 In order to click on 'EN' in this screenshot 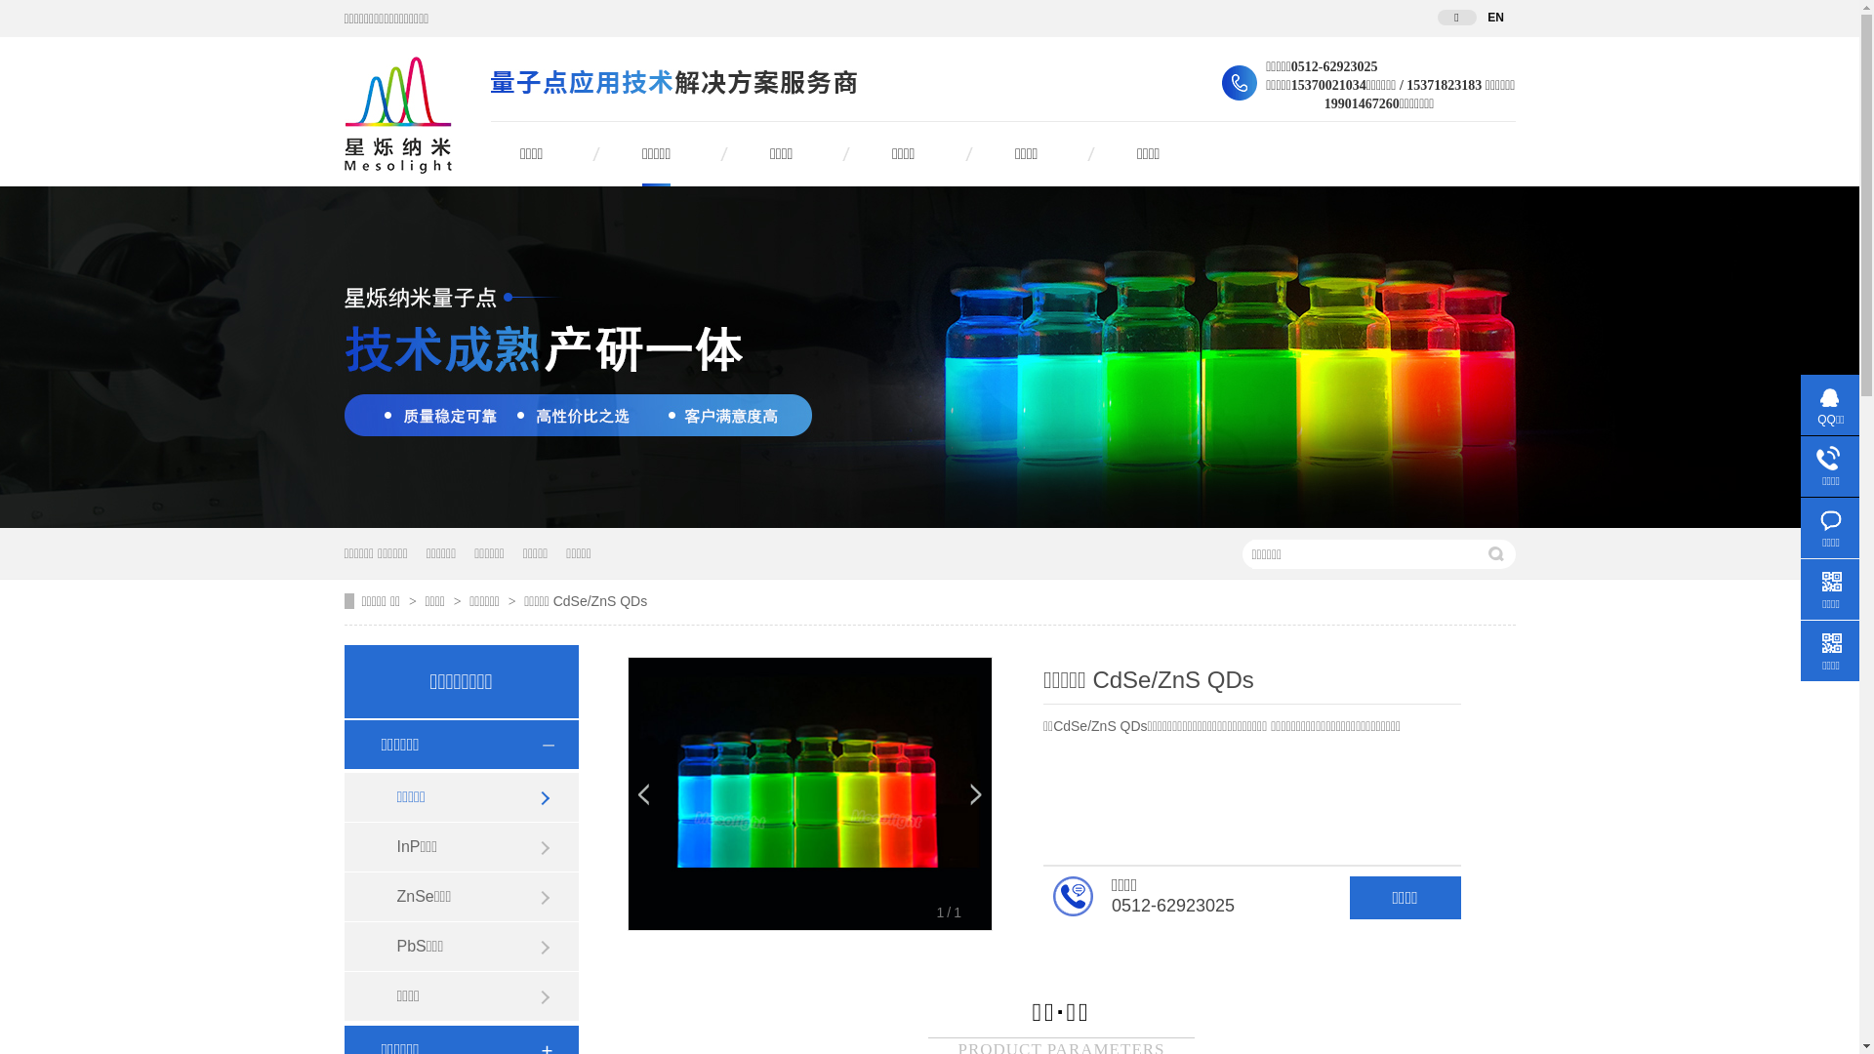, I will do `click(1493, 18)`.